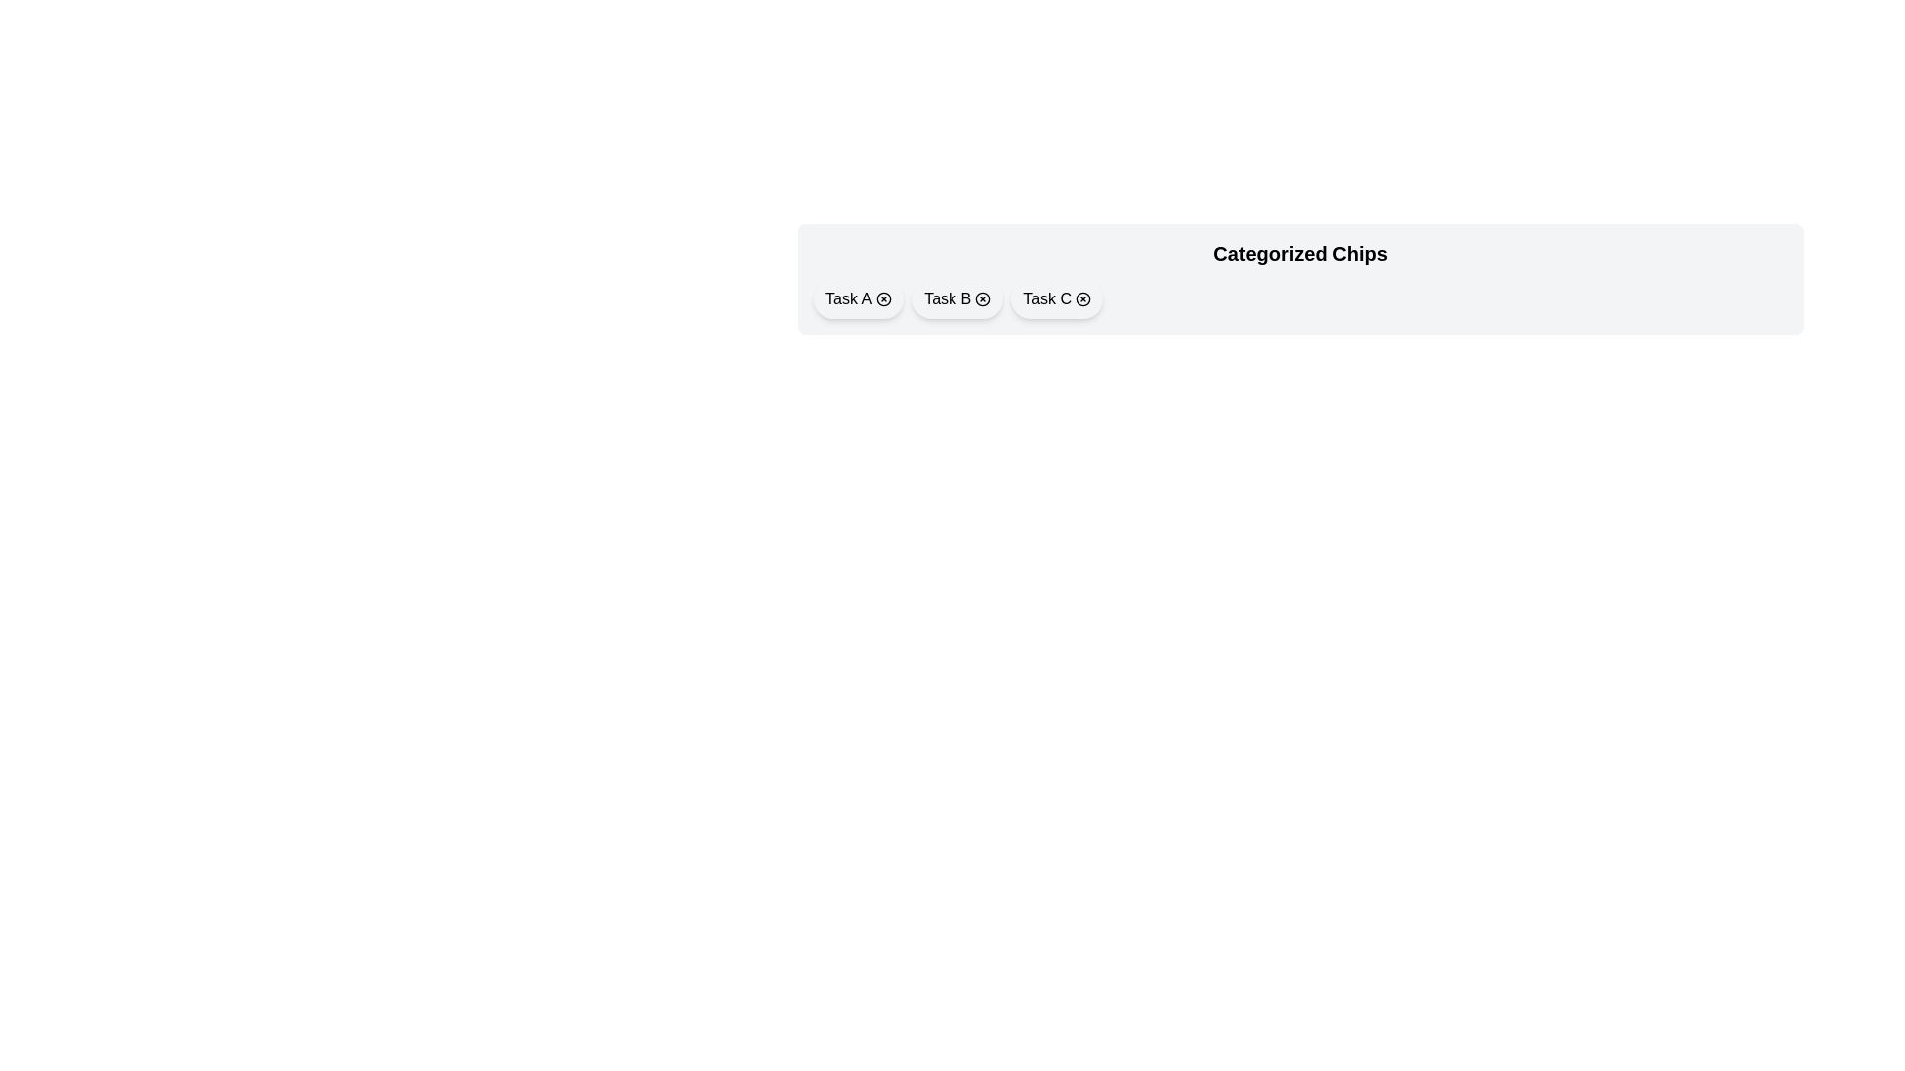 Image resolution: width=1905 pixels, height=1071 pixels. I want to click on the chip labeled Task B to observe its hover effect, so click(957, 298).